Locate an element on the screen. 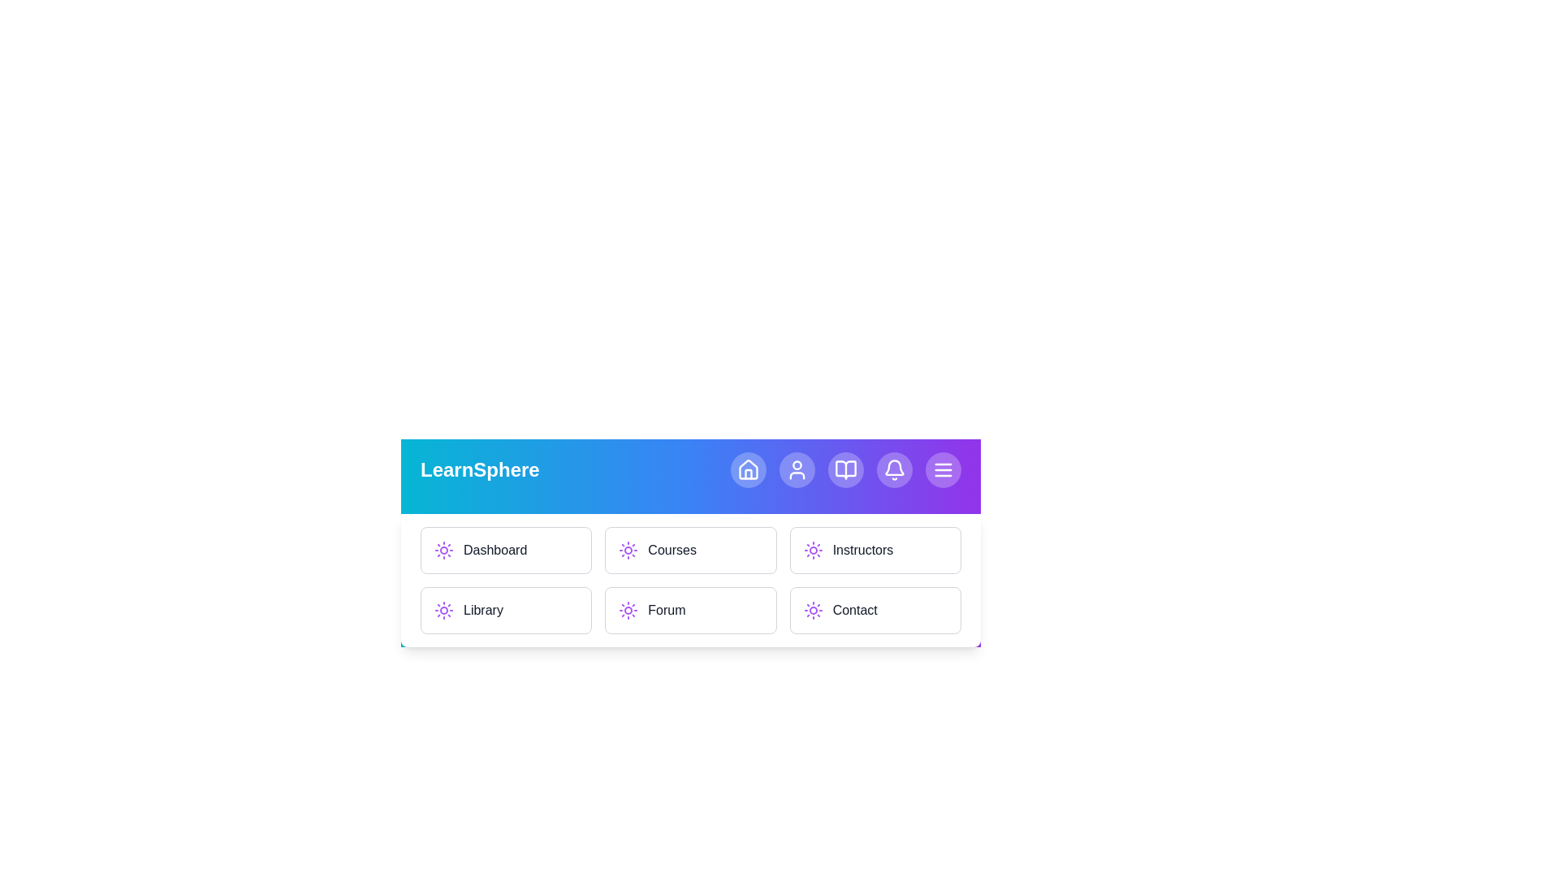  the menu item Dashboard to navigate to the corresponding section is located at coordinates (505, 550).